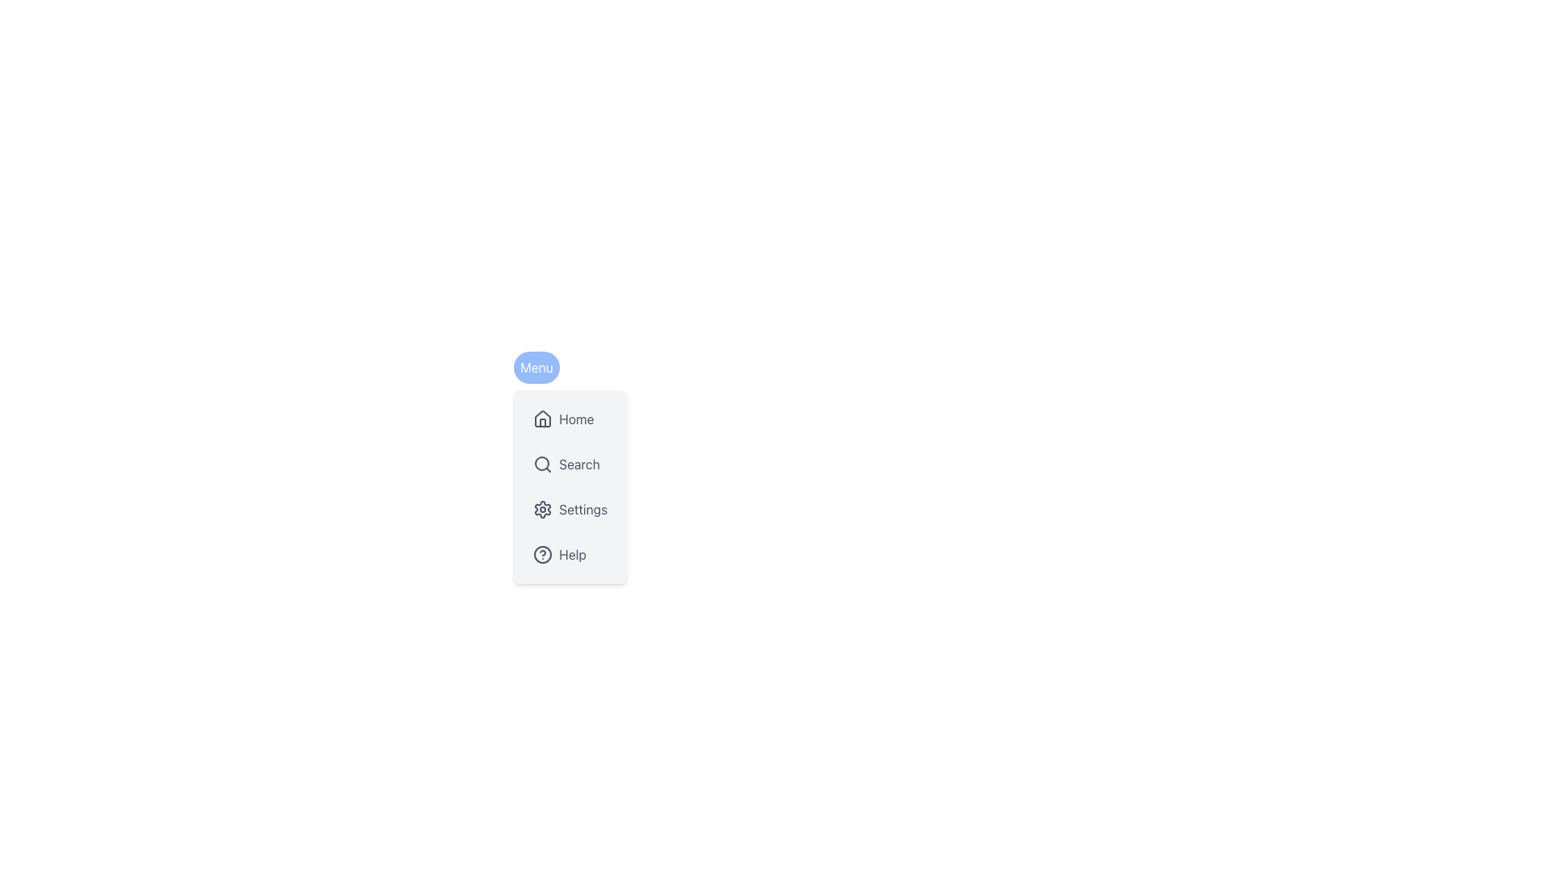  Describe the element at coordinates (543, 509) in the screenshot. I see `the gear-shaped icon in the settings menu` at that location.